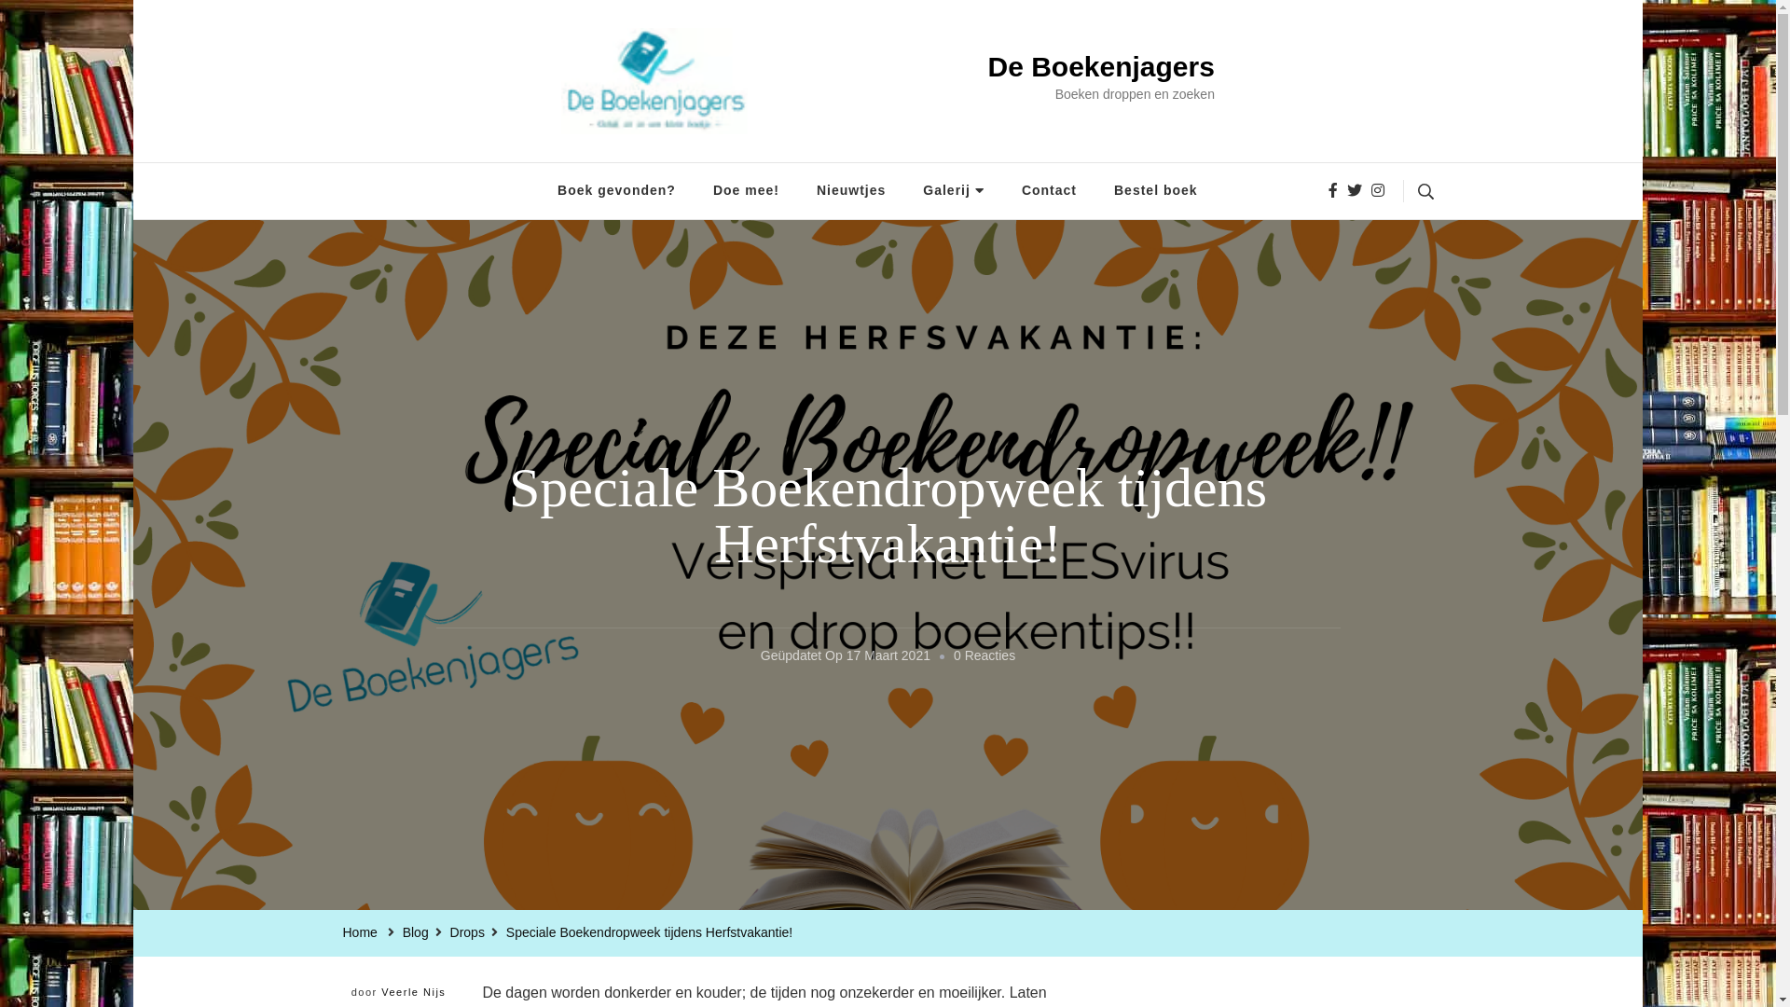 This screenshot has height=1007, width=1790. Describe the element at coordinates (1100, 65) in the screenshot. I see `'De Boekenjagers'` at that location.